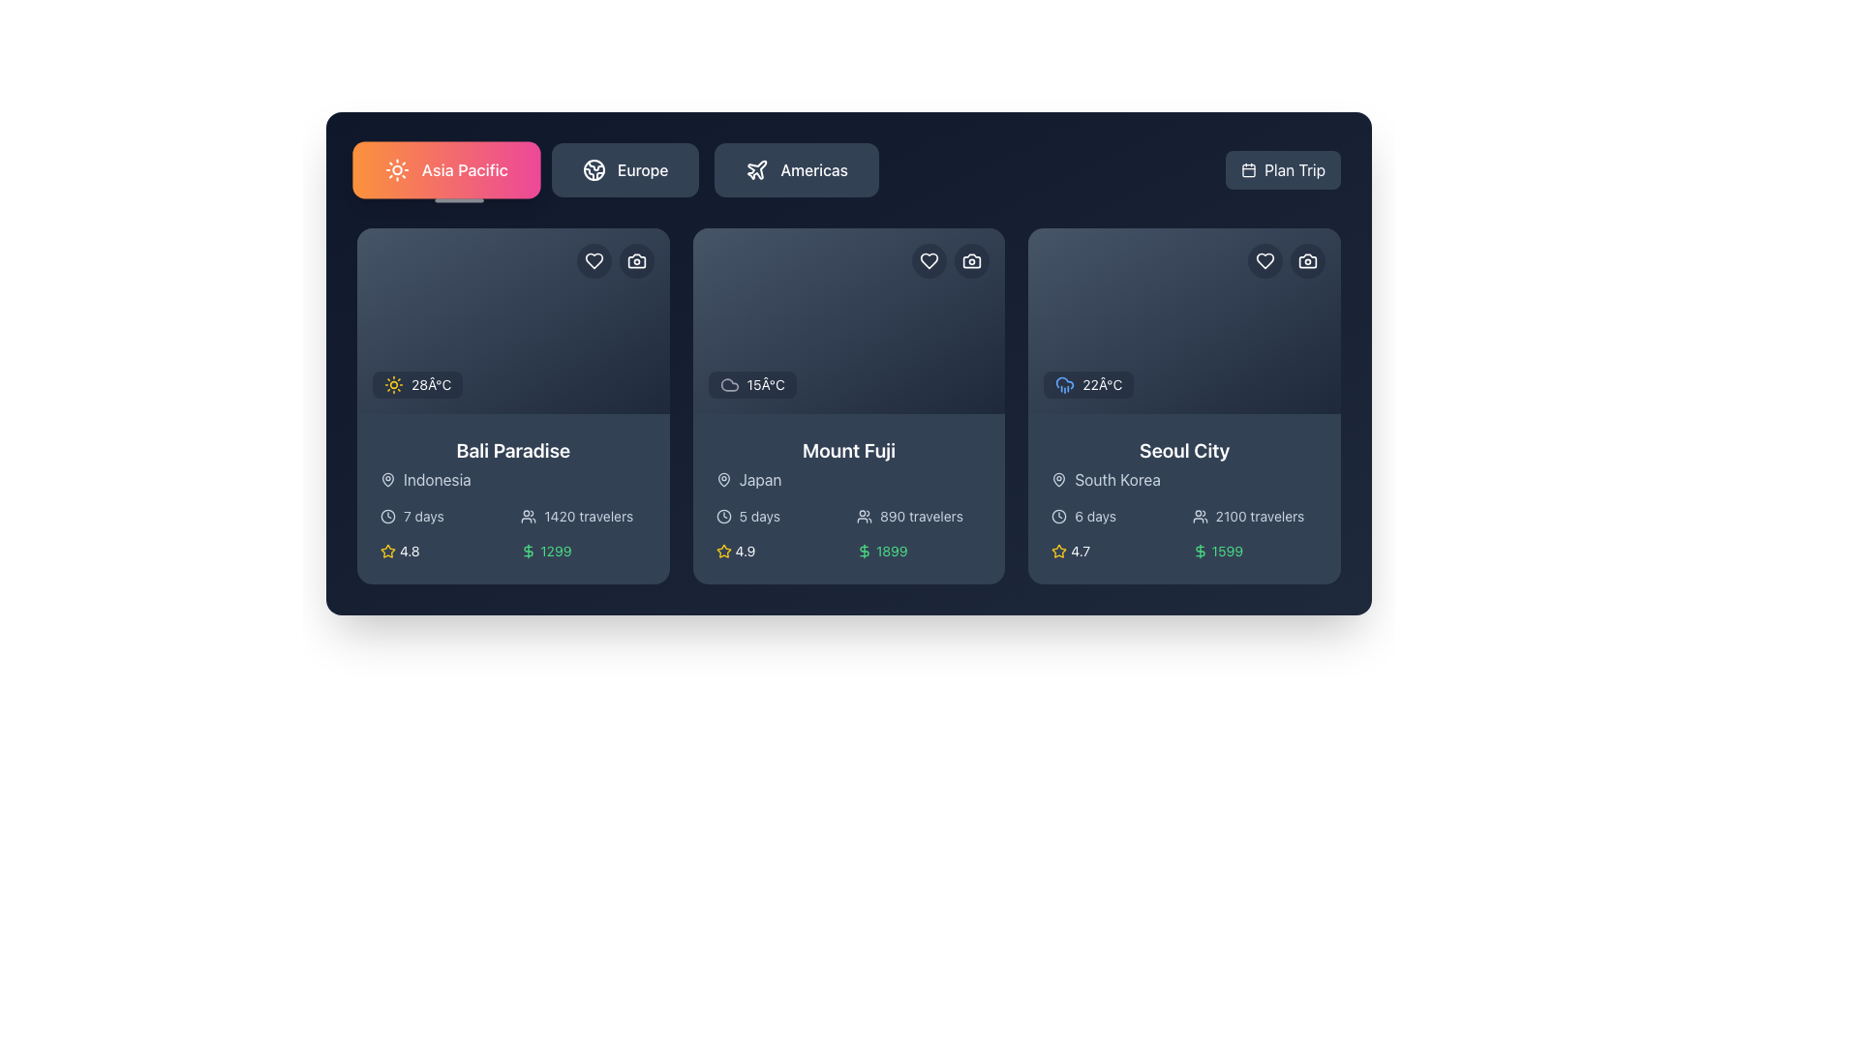 The image size is (1859, 1045). What do you see at coordinates (929, 261) in the screenshot?
I see `the heart icon button to like or add the 'Mount Fuji' card to favorites, which is the first button` at bounding box center [929, 261].